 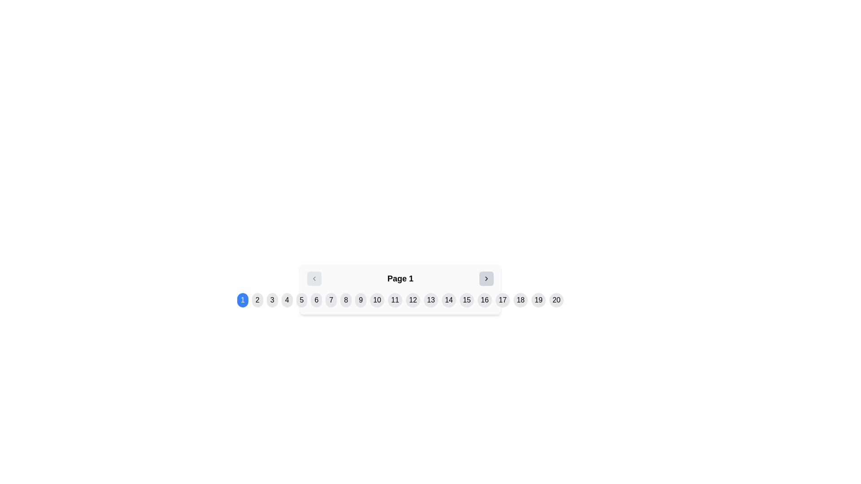 What do you see at coordinates (503, 300) in the screenshot?
I see `the circular button labeled '17'` at bounding box center [503, 300].